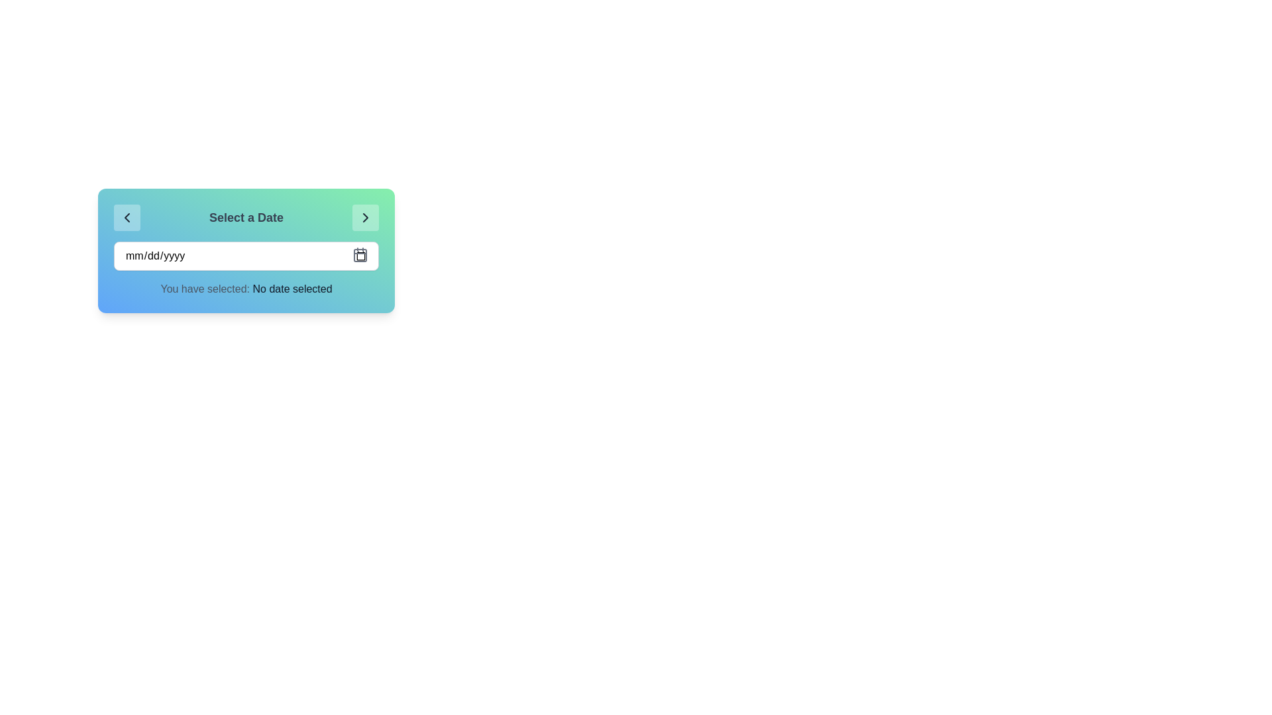 The image size is (1272, 715). I want to click on the header labeled 'Select a Date', which is prominently displayed in bold, large font at the top of the date-picker interface, so click(246, 216).